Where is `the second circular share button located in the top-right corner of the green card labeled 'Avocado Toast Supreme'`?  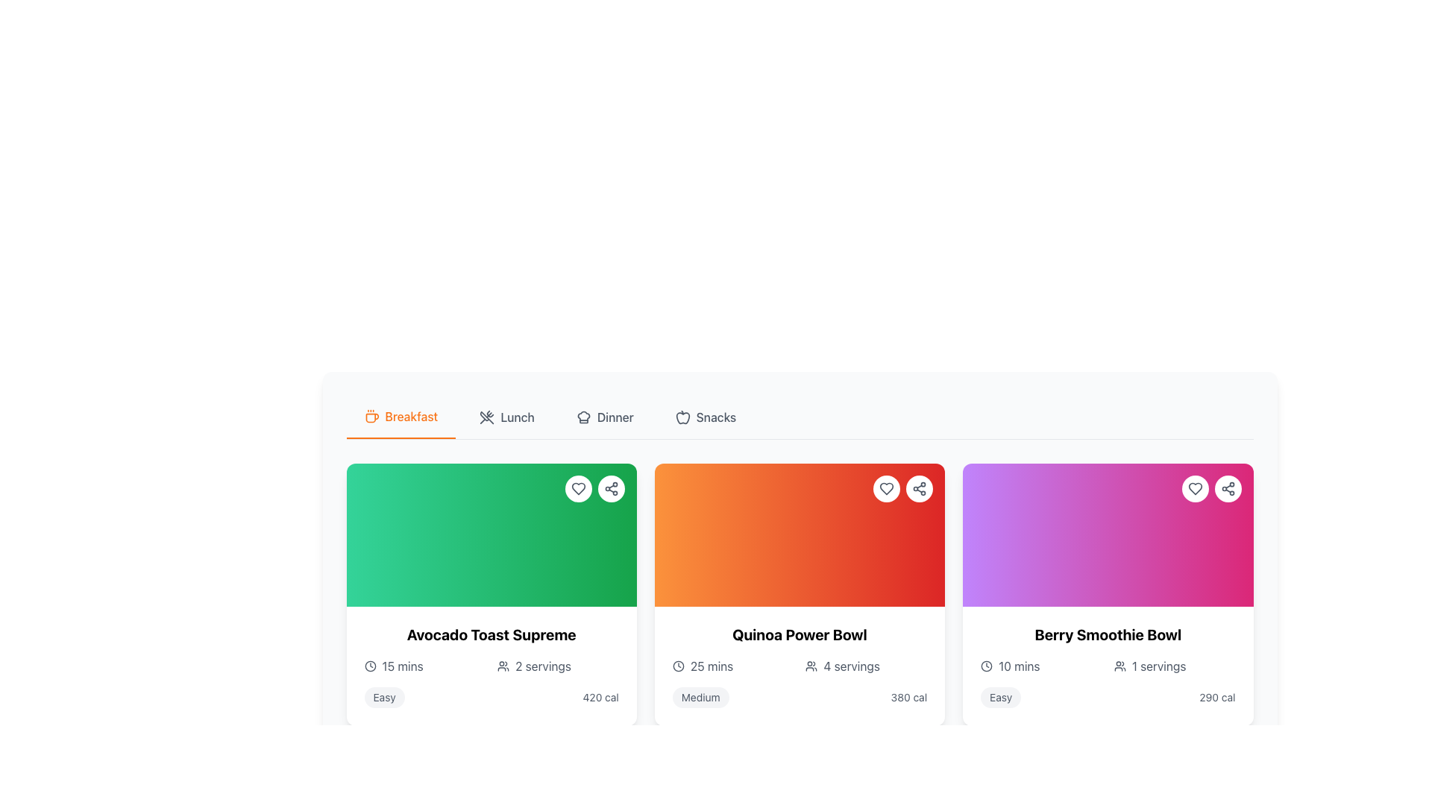 the second circular share button located in the top-right corner of the green card labeled 'Avocado Toast Supreme' is located at coordinates (611, 488).